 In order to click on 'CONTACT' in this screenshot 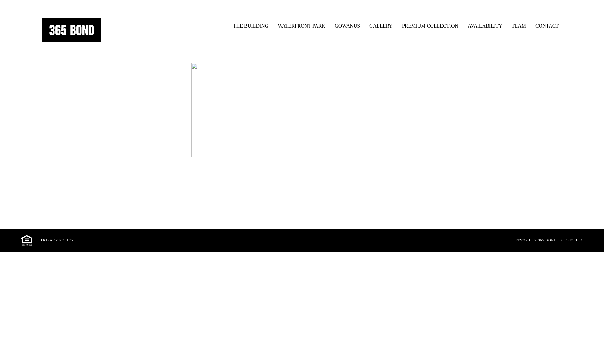, I will do `click(546, 24)`.